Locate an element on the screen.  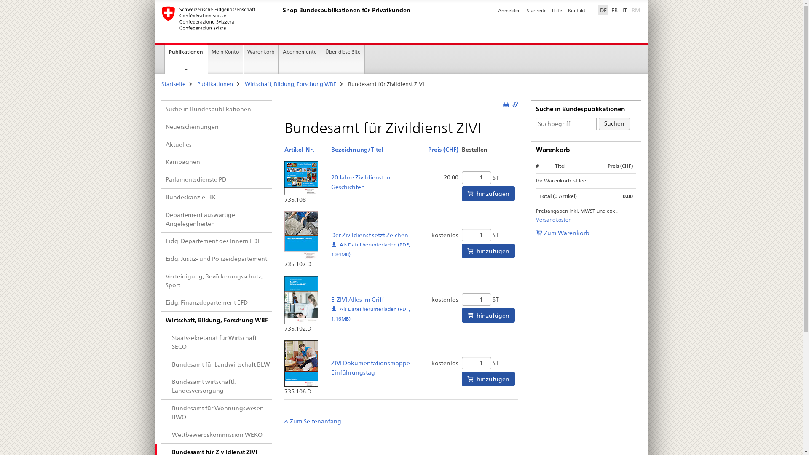
'Zum Seitenanfang' is located at coordinates (284, 421).